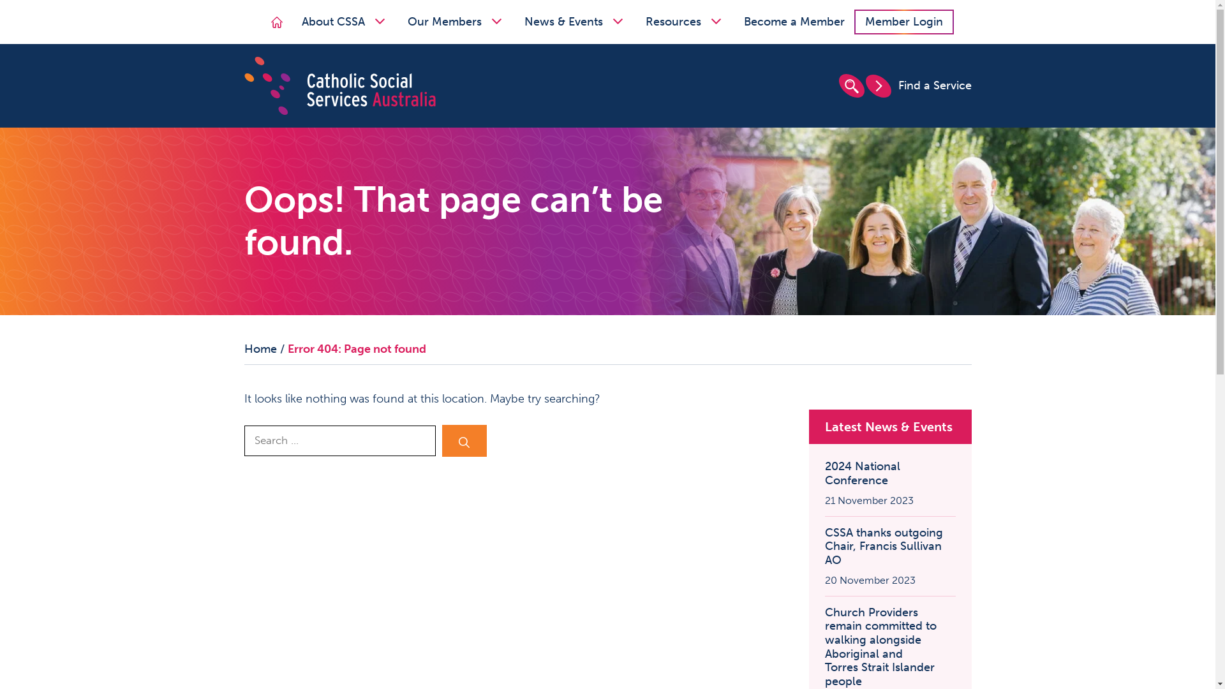 The height and width of the screenshot is (689, 1225). I want to click on 'Search for:', so click(339, 440).